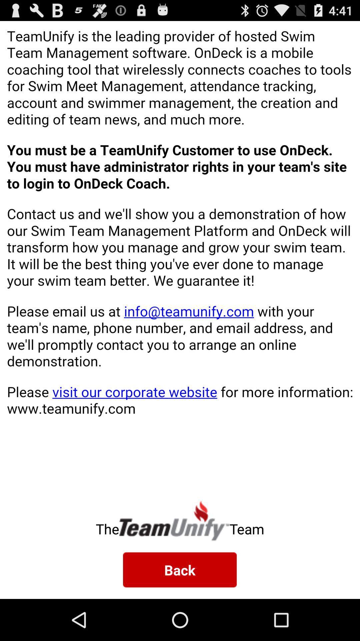 This screenshot has width=360, height=641. Describe the element at coordinates (180, 255) in the screenshot. I see `color print` at that location.